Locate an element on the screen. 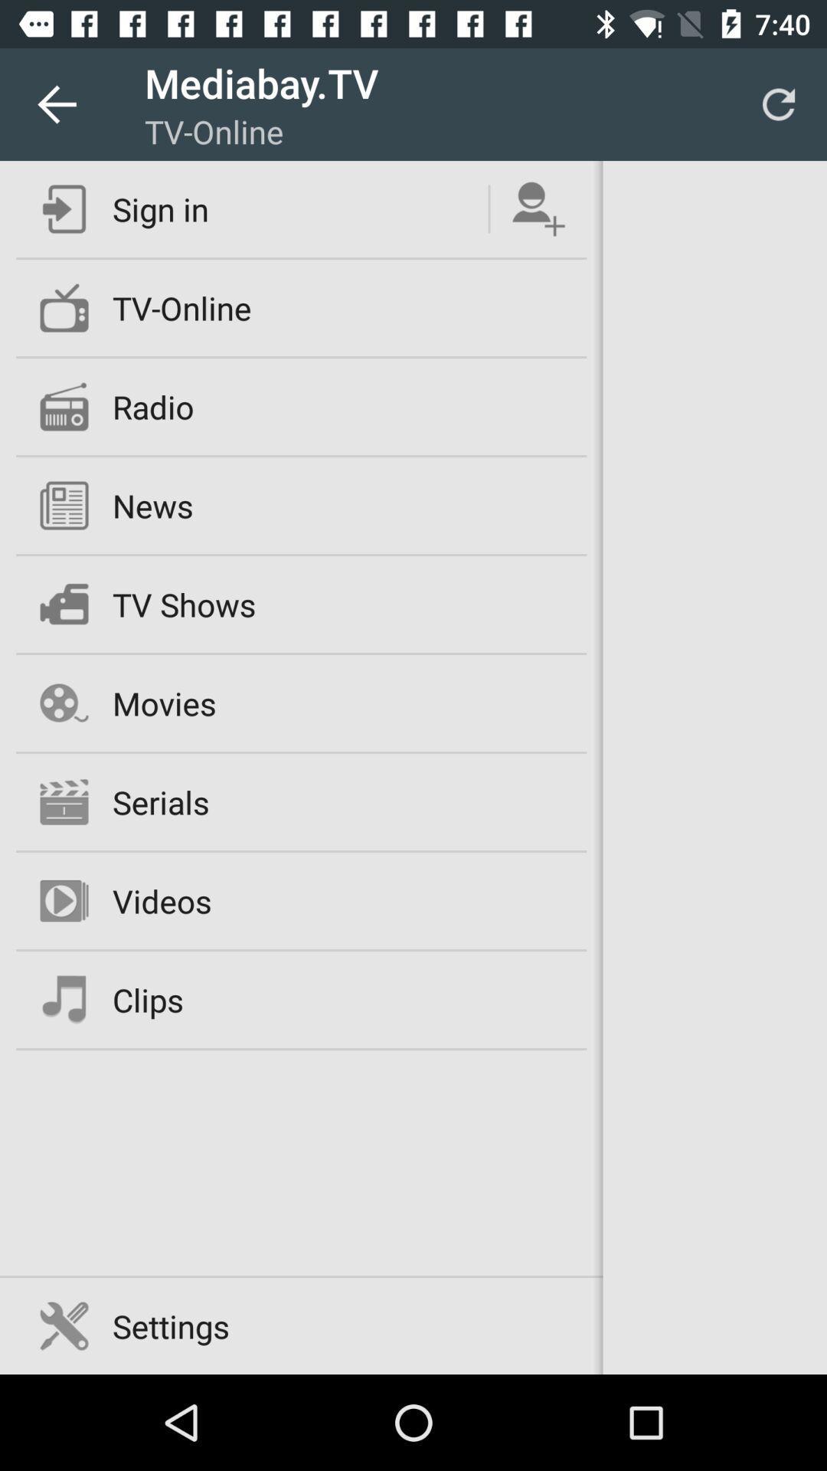 Image resolution: width=827 pixels, height=1471 pixels. the radio icon is located at coordinates (153, 407).